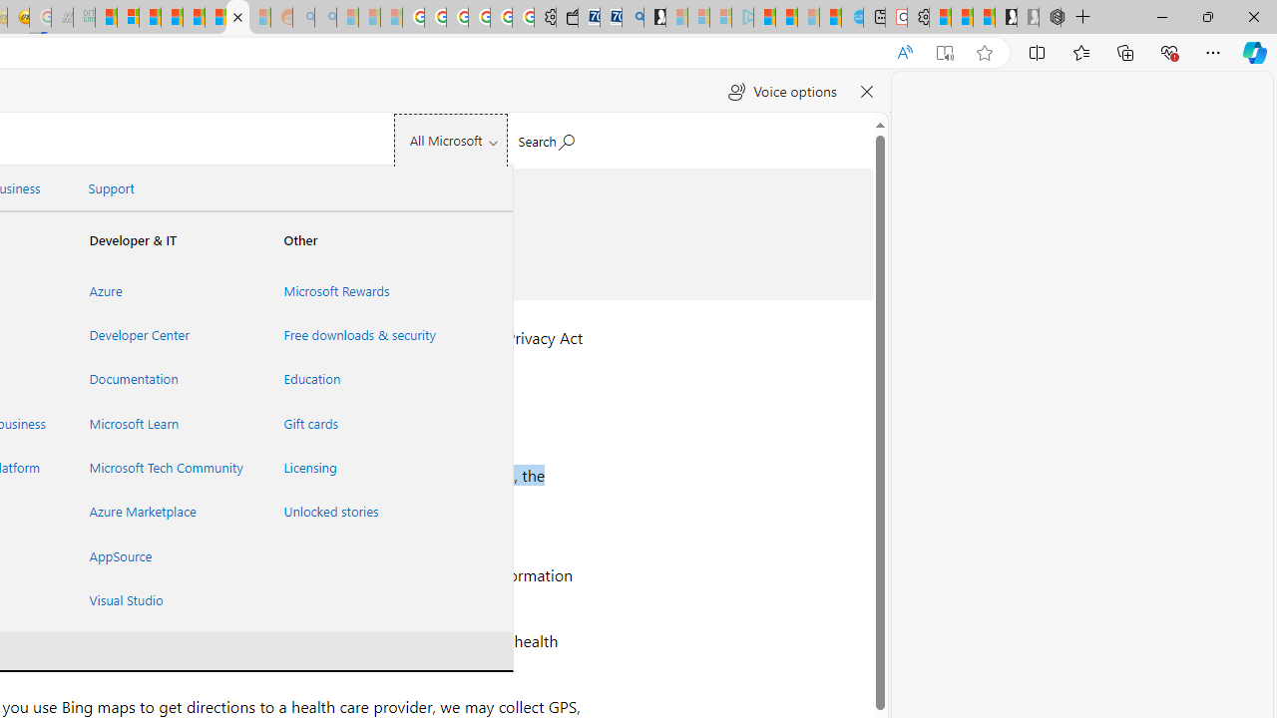  What do you see at coordinates (163, 467) in the screenshot?
I see `'Microsoft Tech Community'` at bounding box center [163, 467].